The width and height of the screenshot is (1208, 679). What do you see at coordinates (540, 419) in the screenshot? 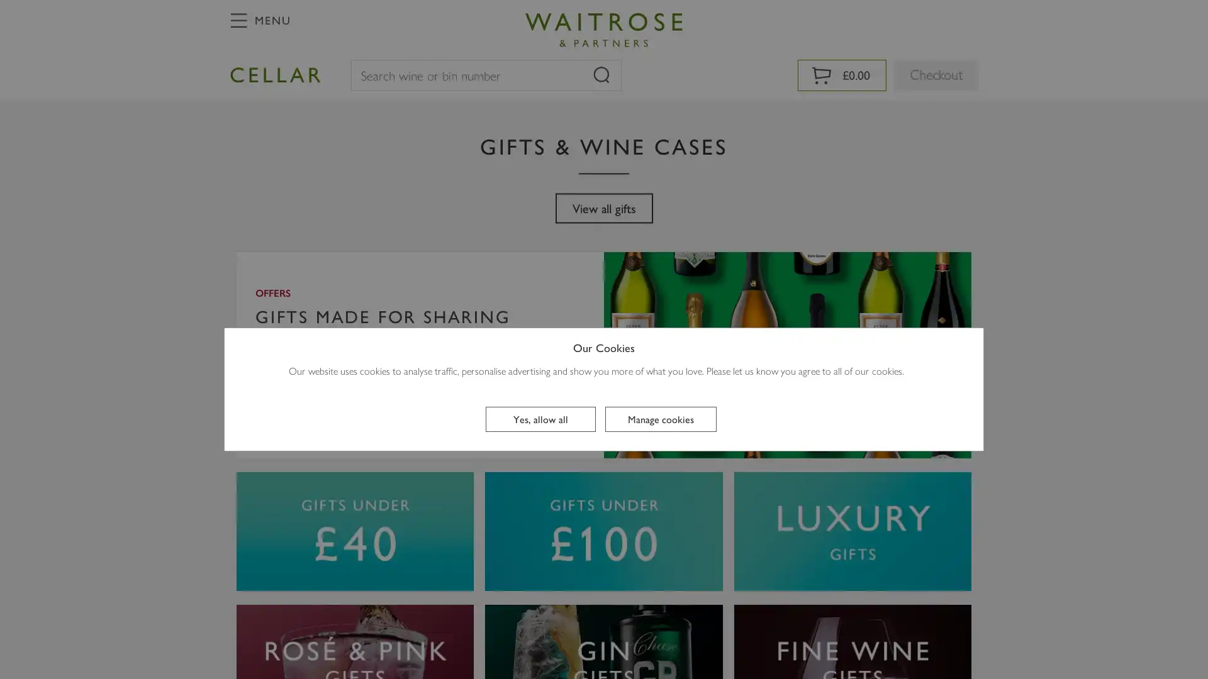
I see `Allow All Cookies` at bounding box center [540, 419].